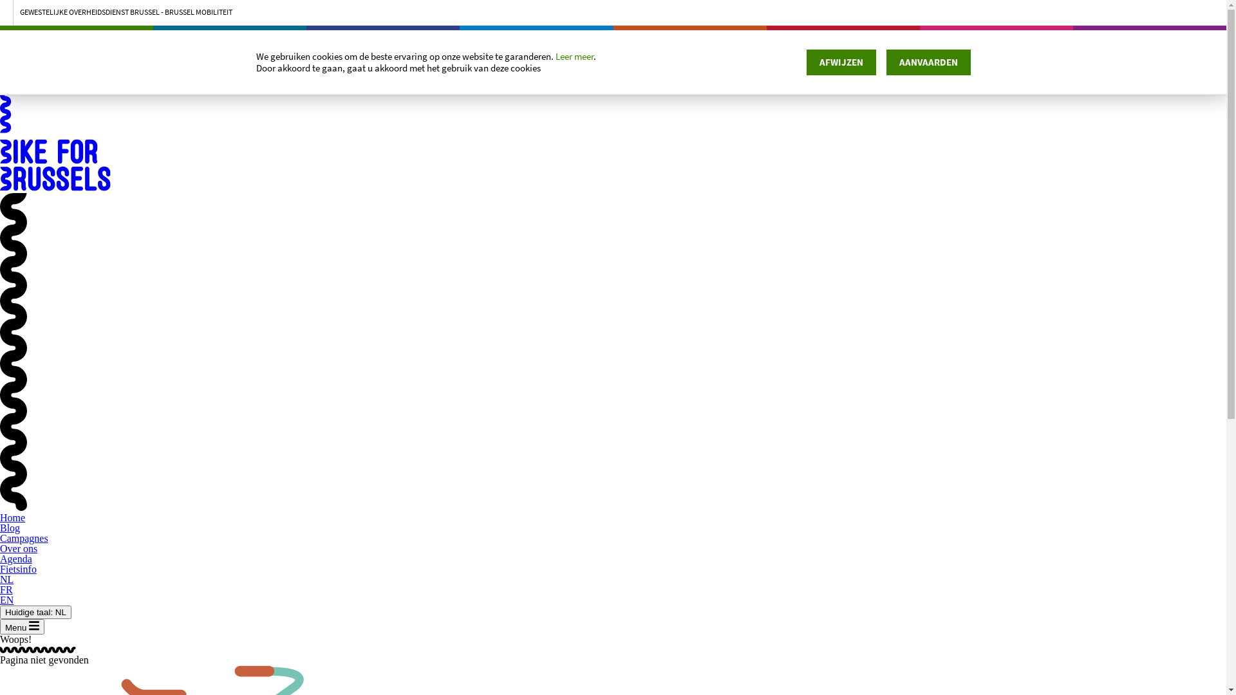 This screenshot has width=1236, height=695. I want to click on 'Agenda', so click(0, 558).